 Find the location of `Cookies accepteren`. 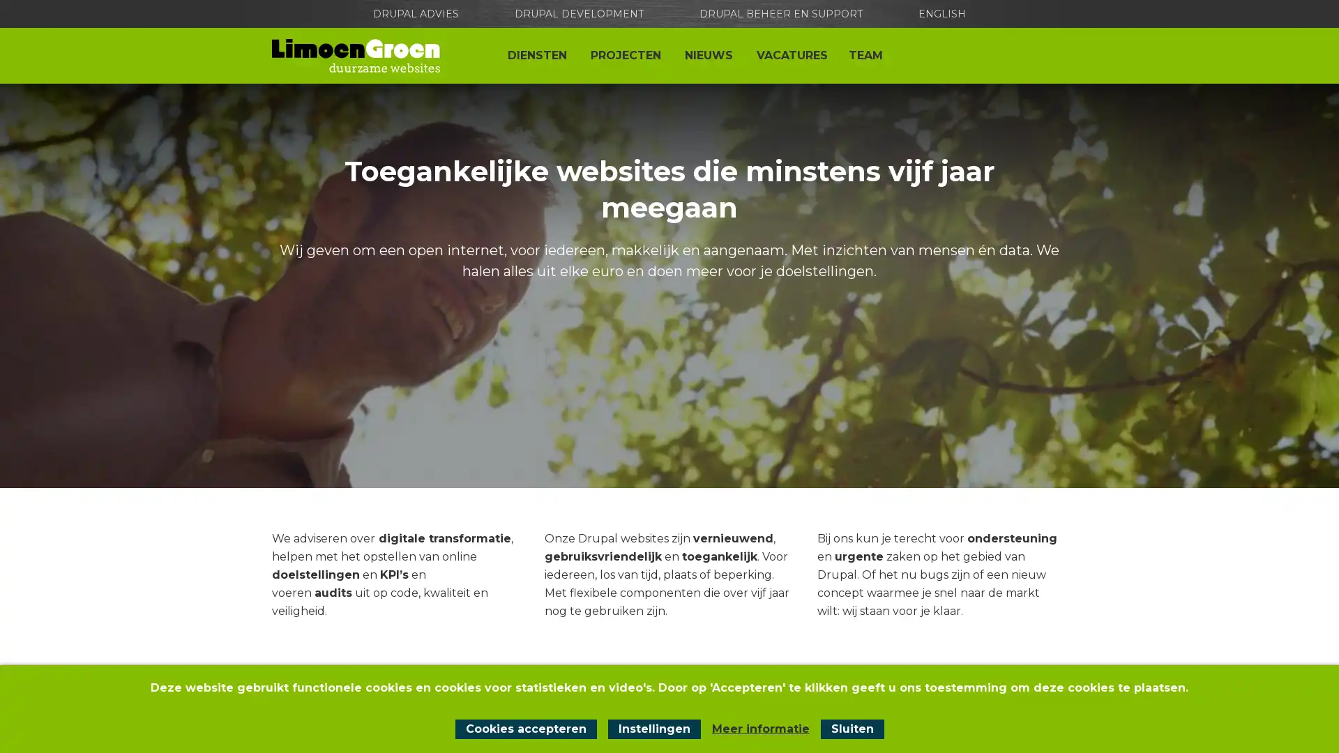

Cookies accepteren is located at coordinates (524, 728).